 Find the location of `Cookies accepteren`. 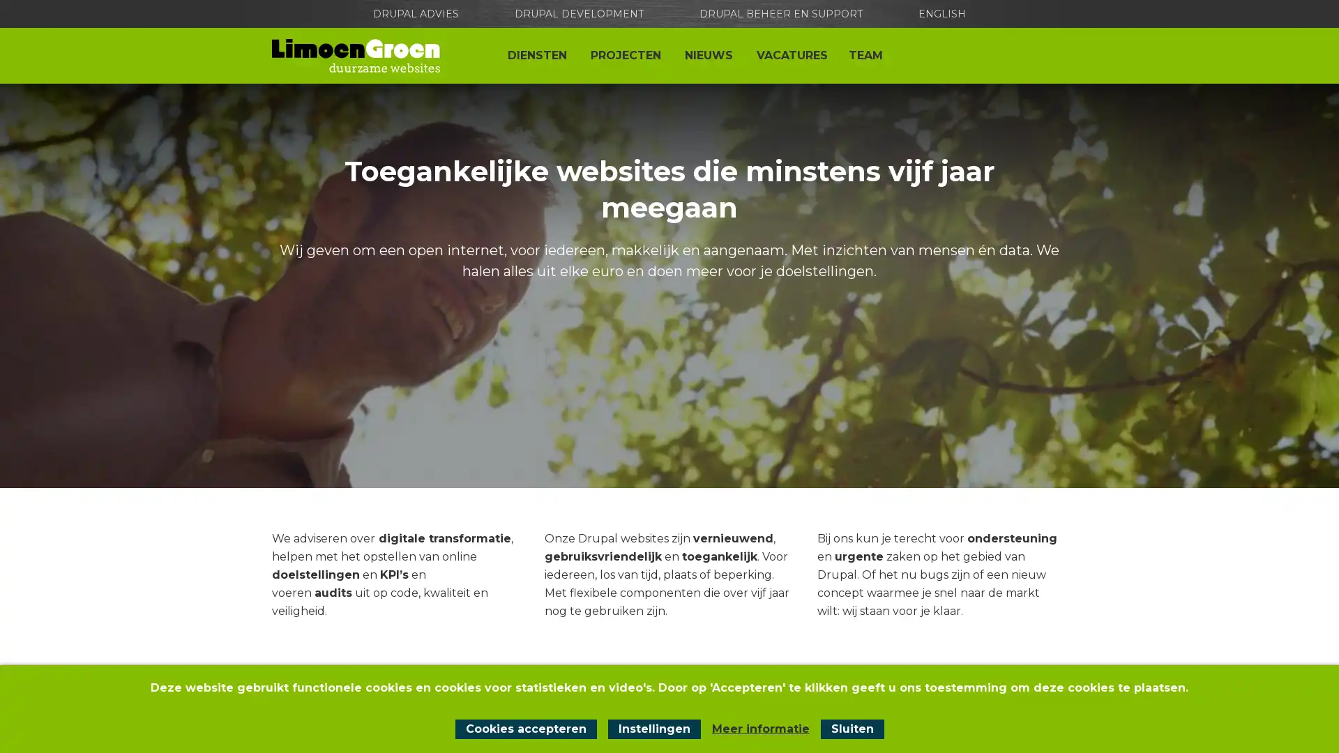

Cookies accepteren is located at coordinates (524, 728).